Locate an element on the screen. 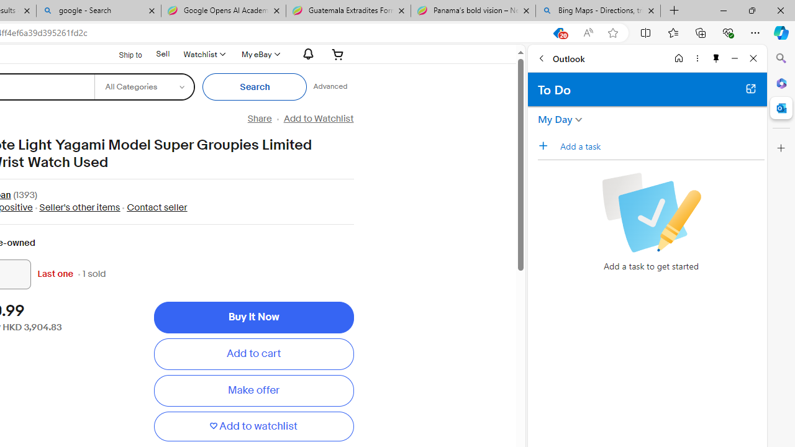 The image size is (795, 447). 'Contact seller' is located at coordinates (156, 207).